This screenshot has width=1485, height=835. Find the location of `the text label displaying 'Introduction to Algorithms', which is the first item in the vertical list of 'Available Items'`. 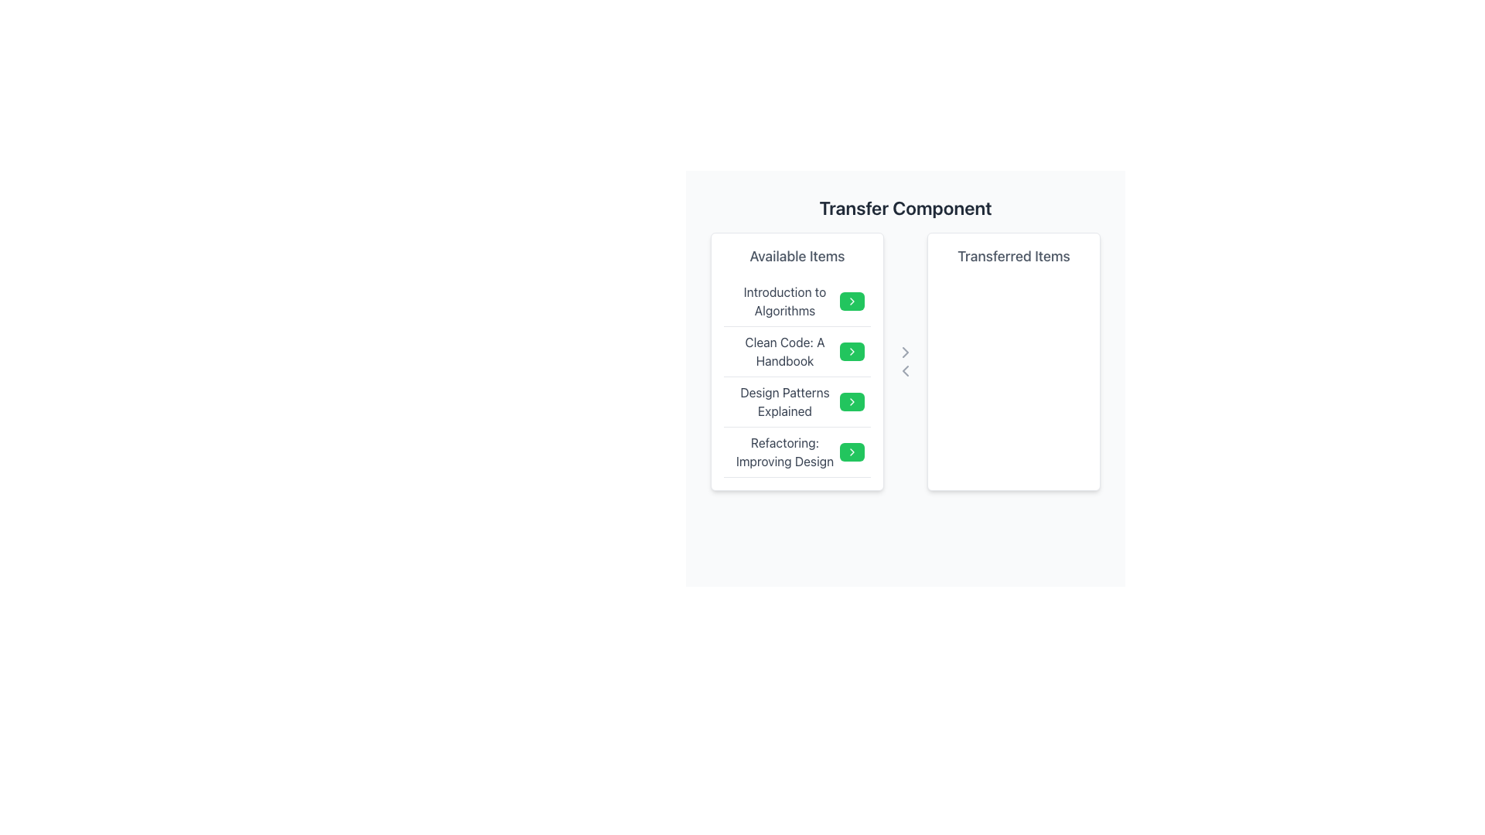

the text label displaying 'Introduction to Algorithms', which is the first item in the vertical list of 'Available Items' is located at coordinates (784, 301).